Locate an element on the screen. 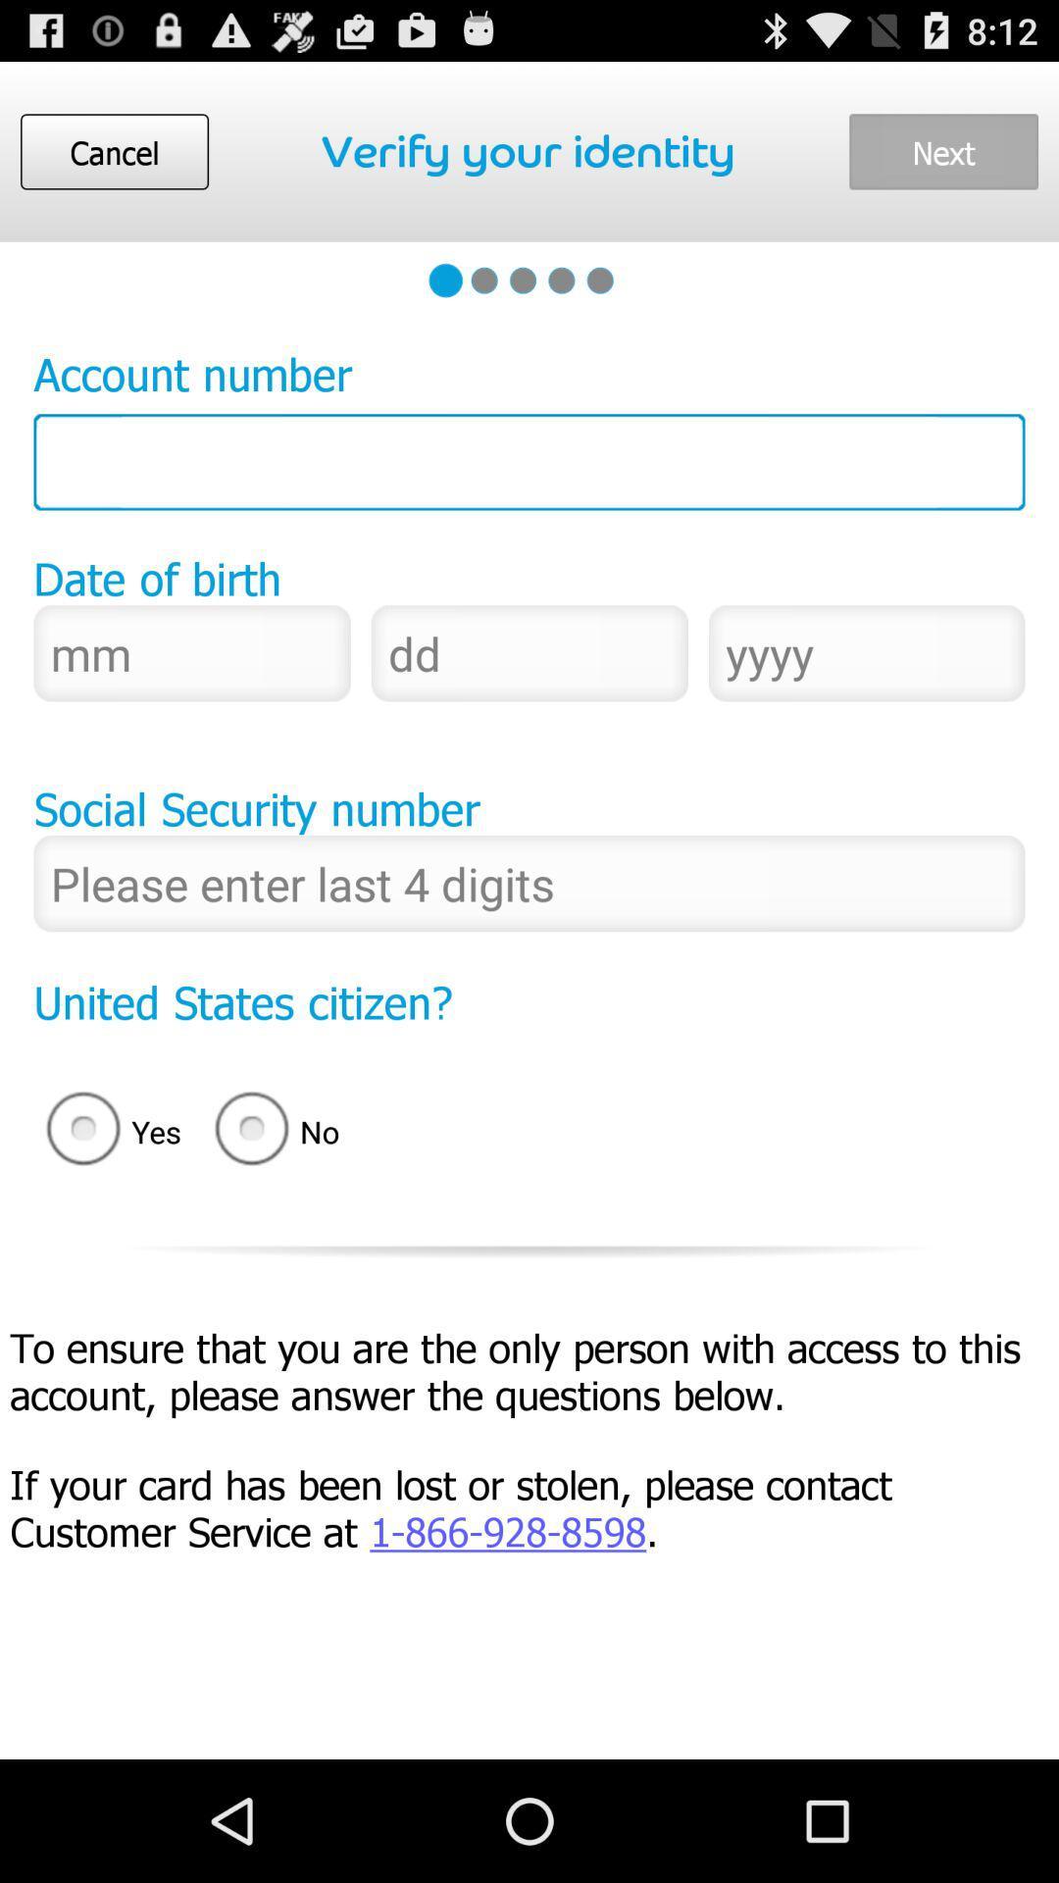  cancel is located at coordinates (114, 150).